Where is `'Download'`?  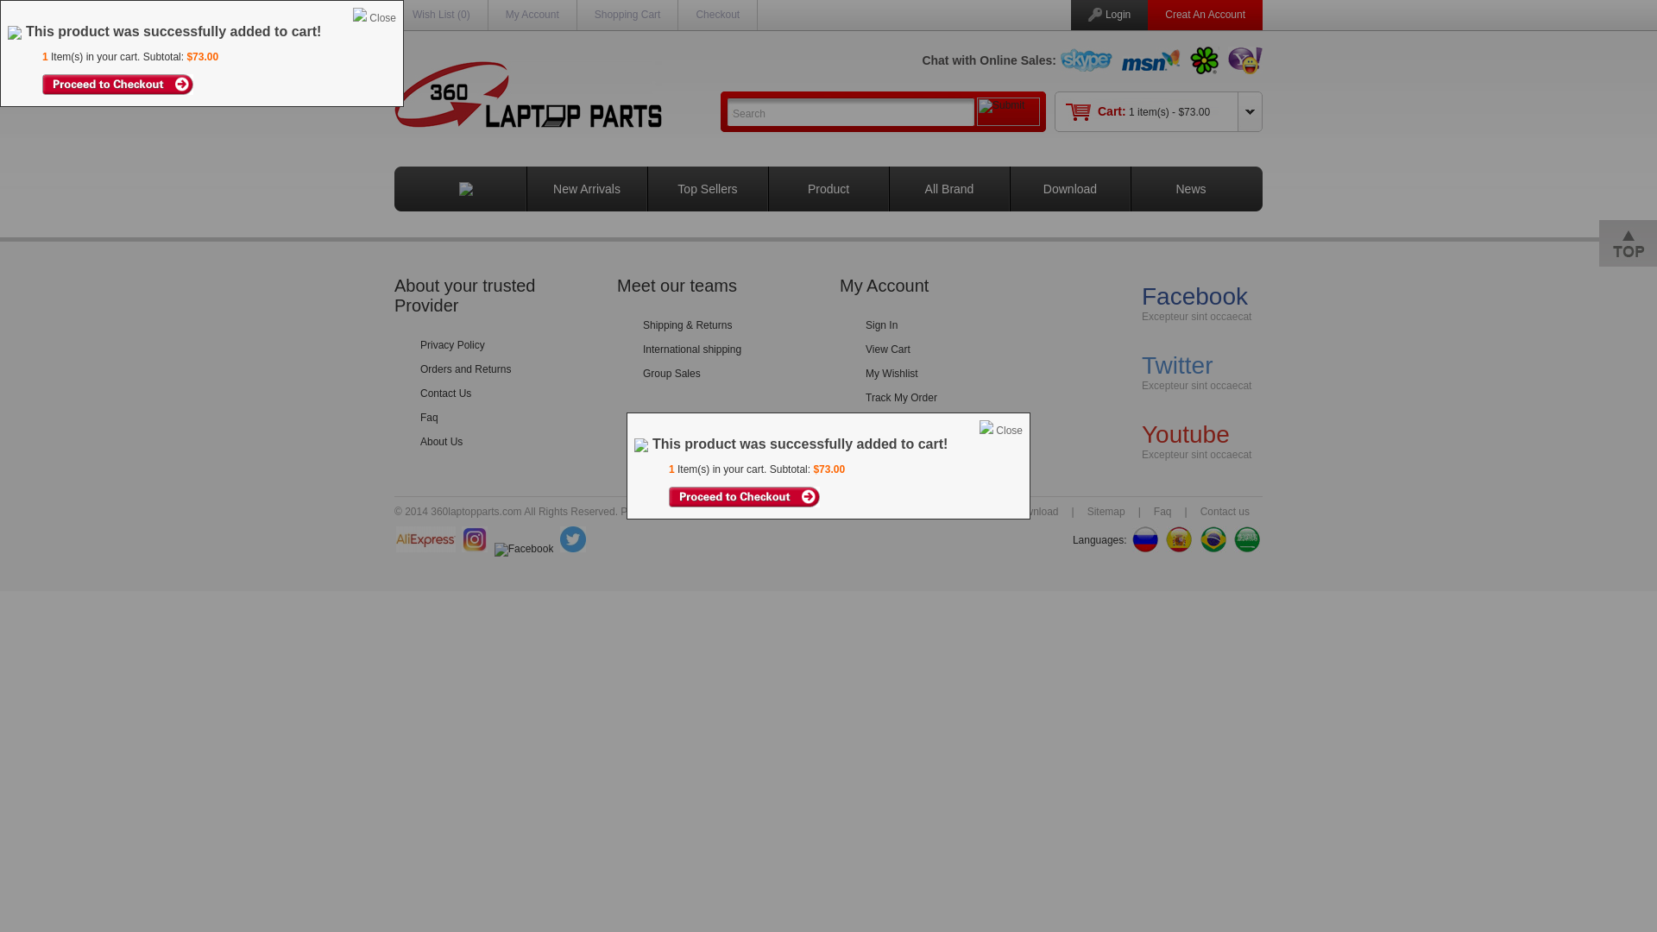
'Download' is located at coordinates (1035, 511).